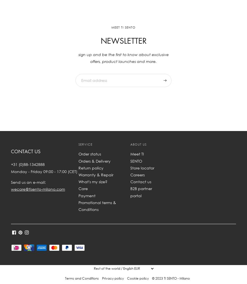  I want to click on 'Orders & Delivery', so click(94, 161).